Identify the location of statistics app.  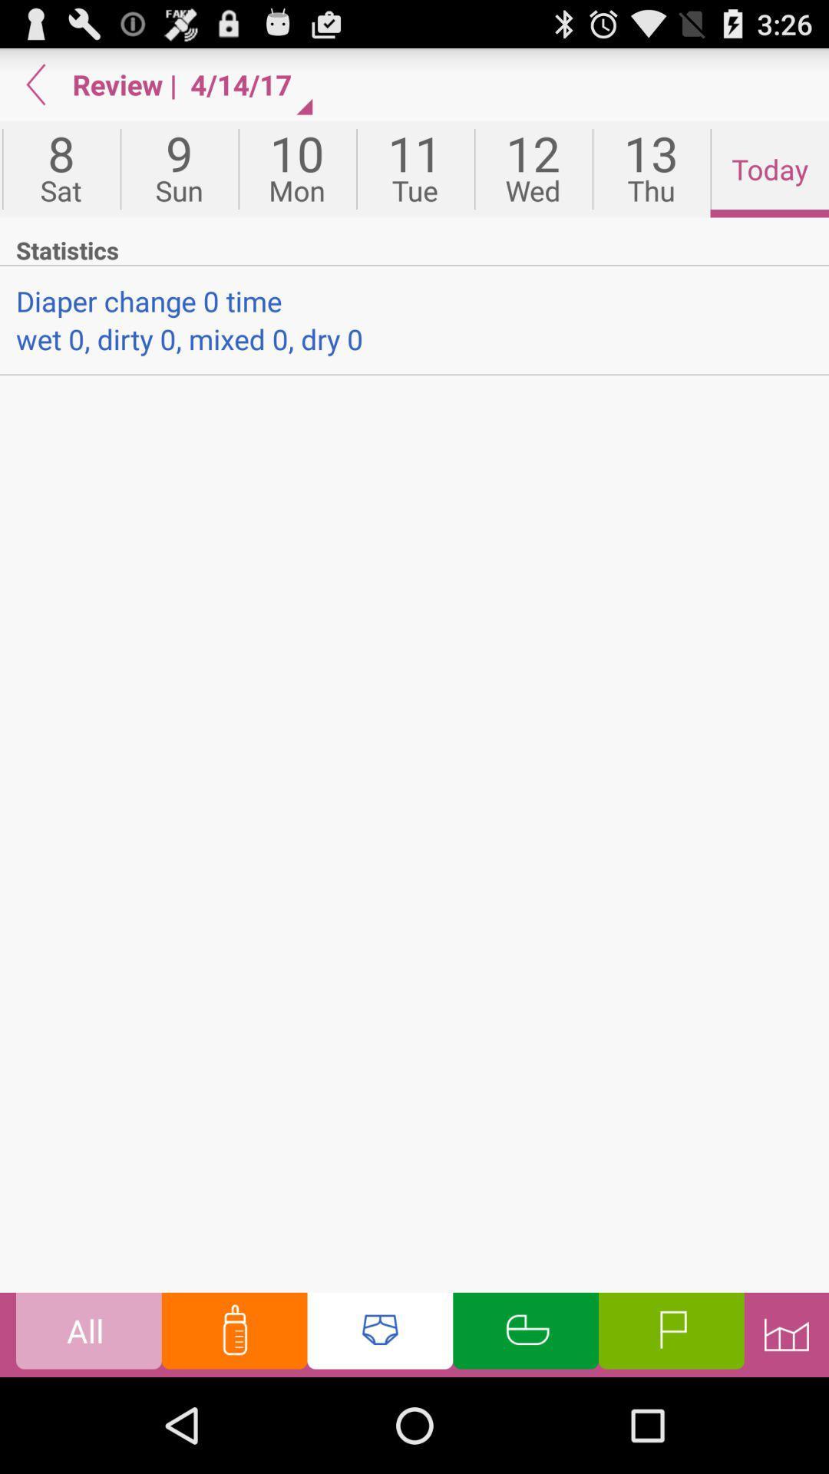
(414, 250).